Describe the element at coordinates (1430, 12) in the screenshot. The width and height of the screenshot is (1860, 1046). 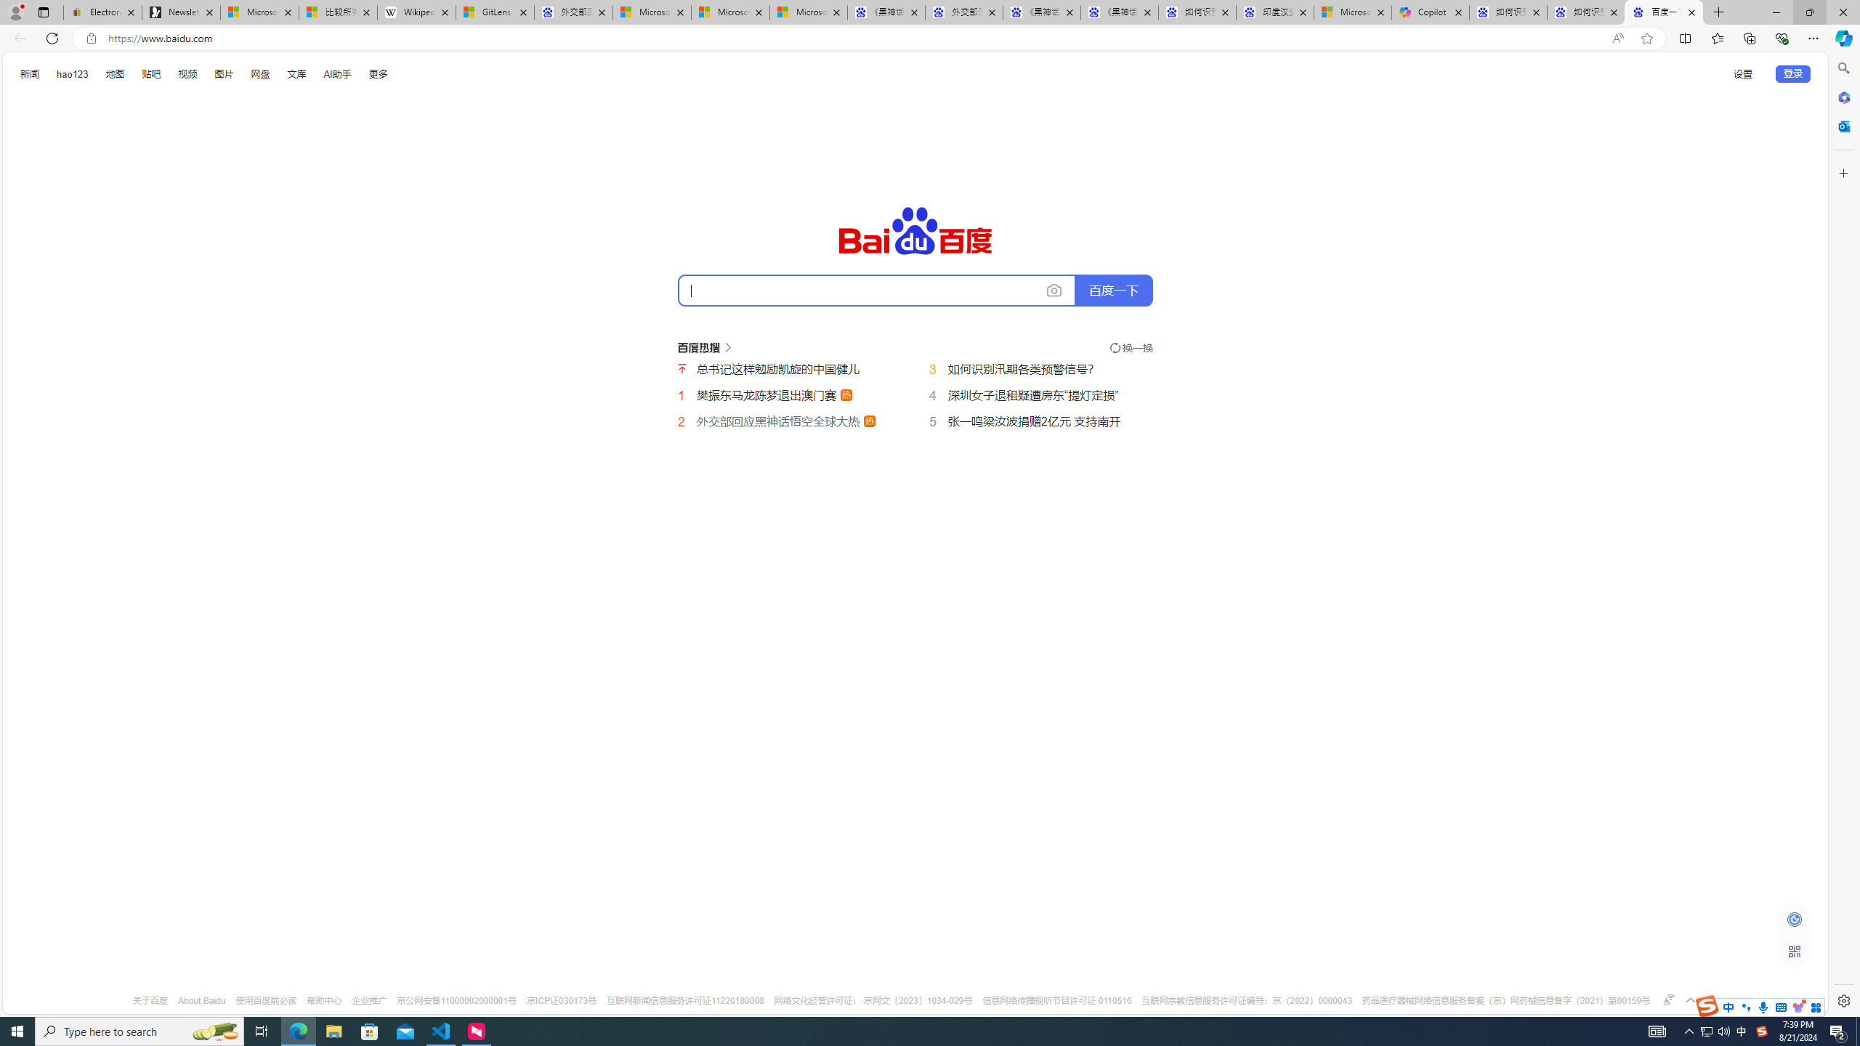
I see `'Copilot'` at that location.